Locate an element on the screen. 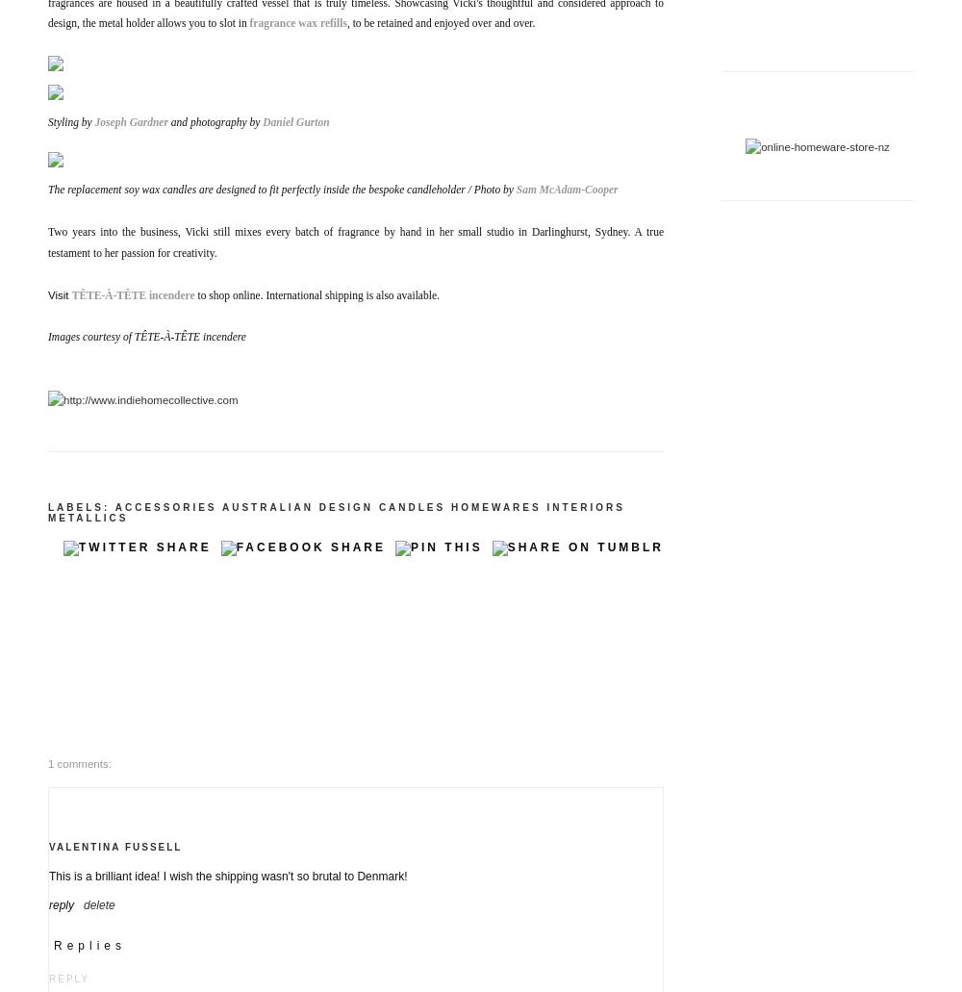  'Joseph Gardner' is located at coordinates (131, 119).